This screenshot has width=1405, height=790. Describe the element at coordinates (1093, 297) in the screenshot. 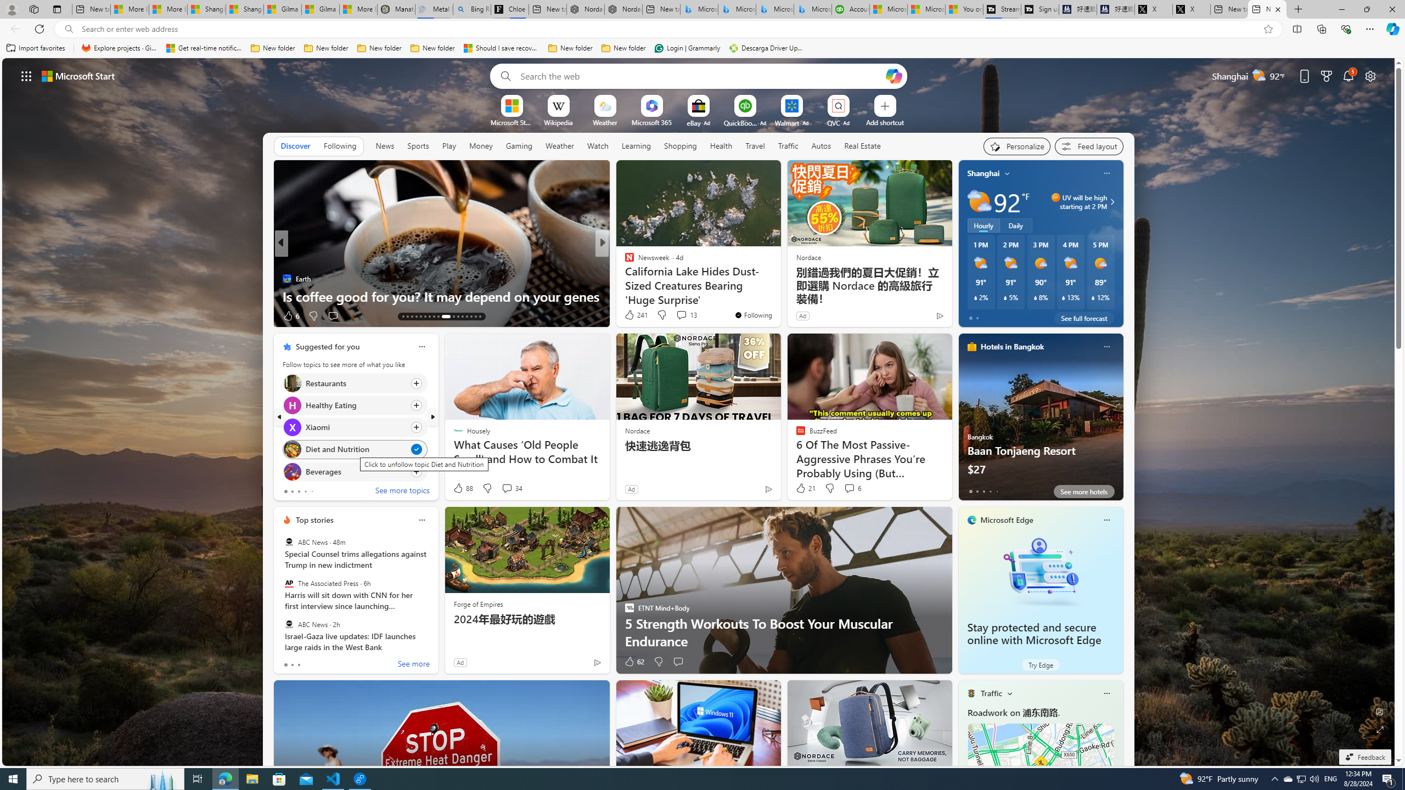

I see `'Class: weather-current-precipitation-glyph'` at that location.